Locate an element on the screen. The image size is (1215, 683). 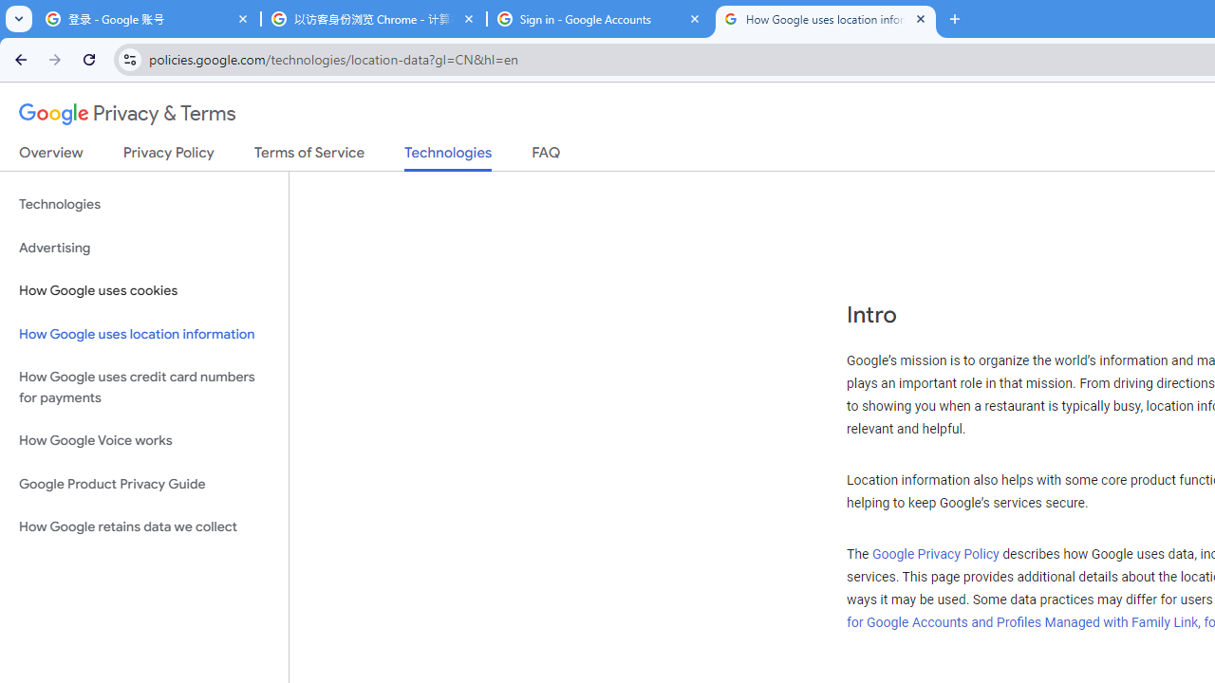
'Advertising' is located at coordinates (143, 247).